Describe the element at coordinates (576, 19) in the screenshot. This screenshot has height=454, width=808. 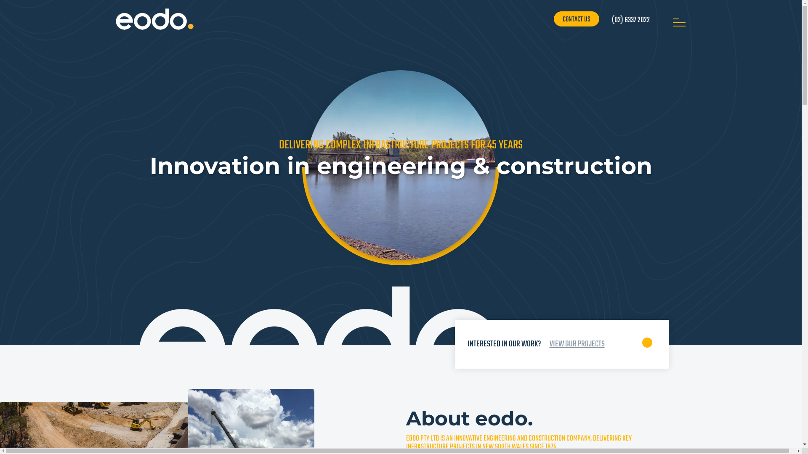
I see `'CONTACT US'` at that location.